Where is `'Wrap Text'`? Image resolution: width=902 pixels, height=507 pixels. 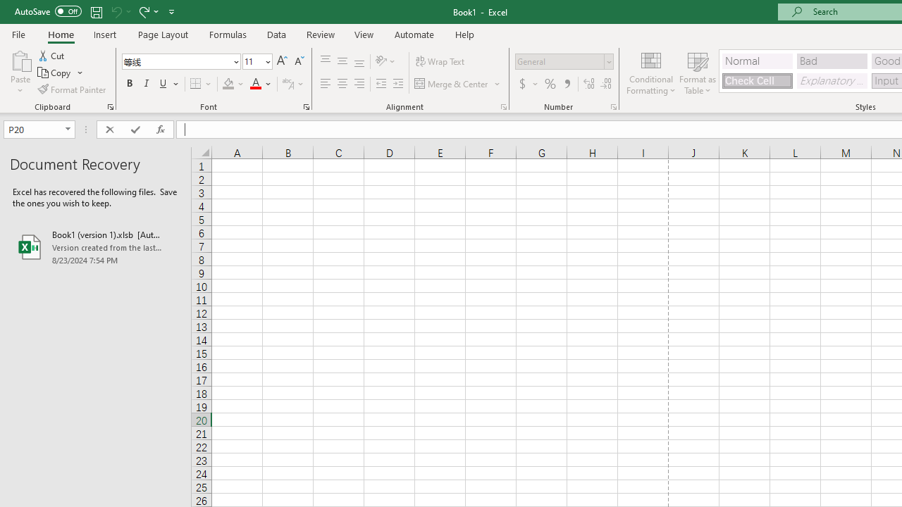
'Wrap Text' is located at coordinates (440, 61).